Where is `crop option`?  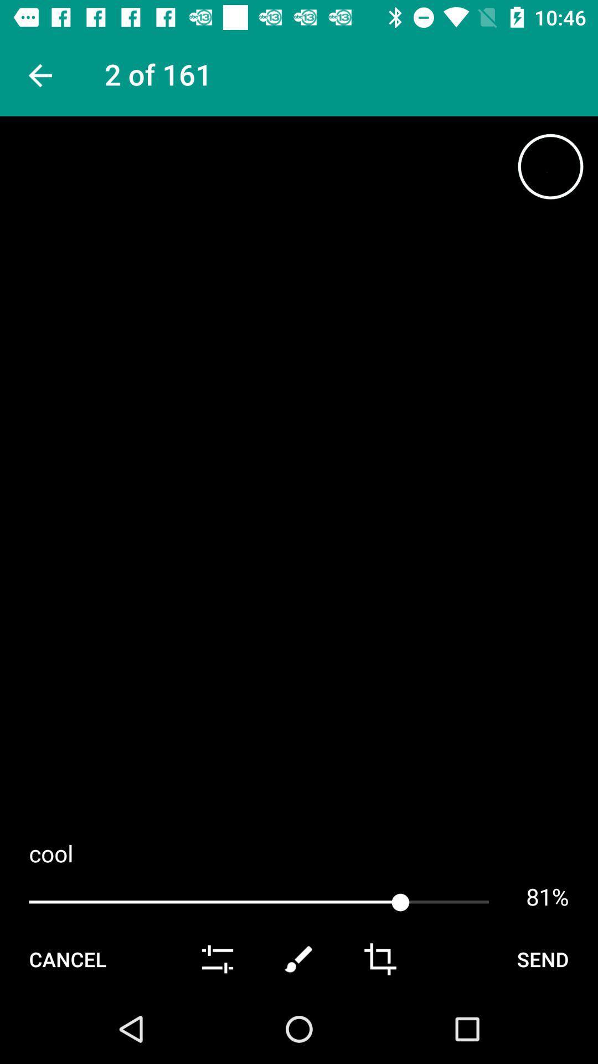 crop option is located at coordinates (379, 959).